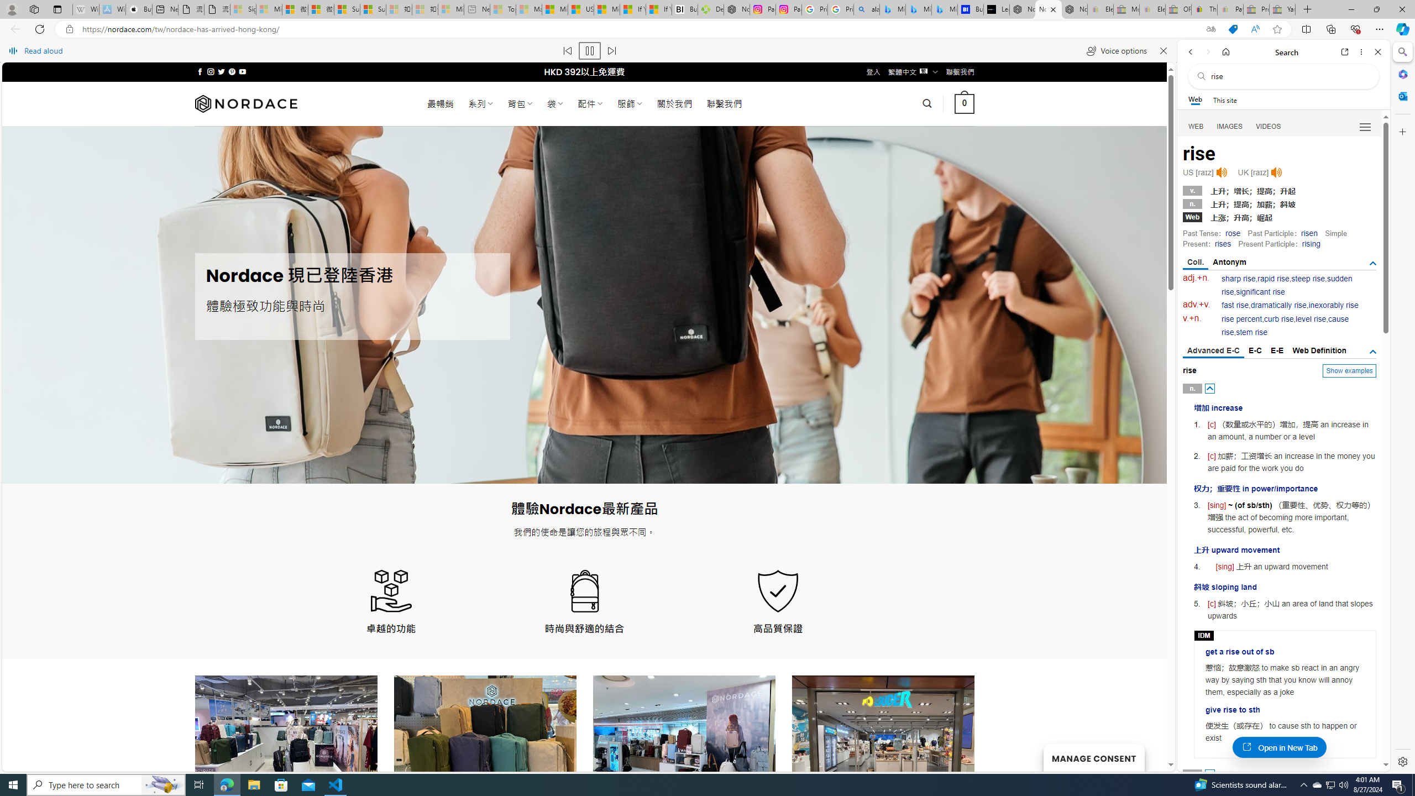 The height and width of the screenshot is (796, 1415). What do you see at coordinates (1195, 262) in the screenshot?
I see `'Coll.'` at bounding box center [1195, 262].